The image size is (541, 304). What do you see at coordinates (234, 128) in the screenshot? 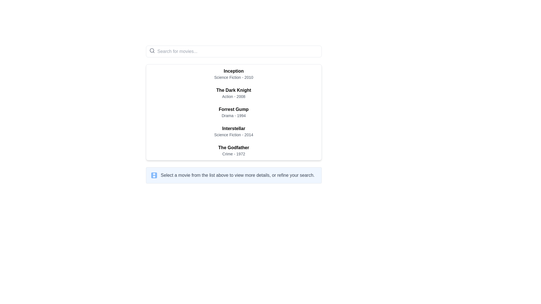
I see `title text element 'Interstellar', which is the fourth item in the movie list, located in the middle section` at bounding box center [234, 128].